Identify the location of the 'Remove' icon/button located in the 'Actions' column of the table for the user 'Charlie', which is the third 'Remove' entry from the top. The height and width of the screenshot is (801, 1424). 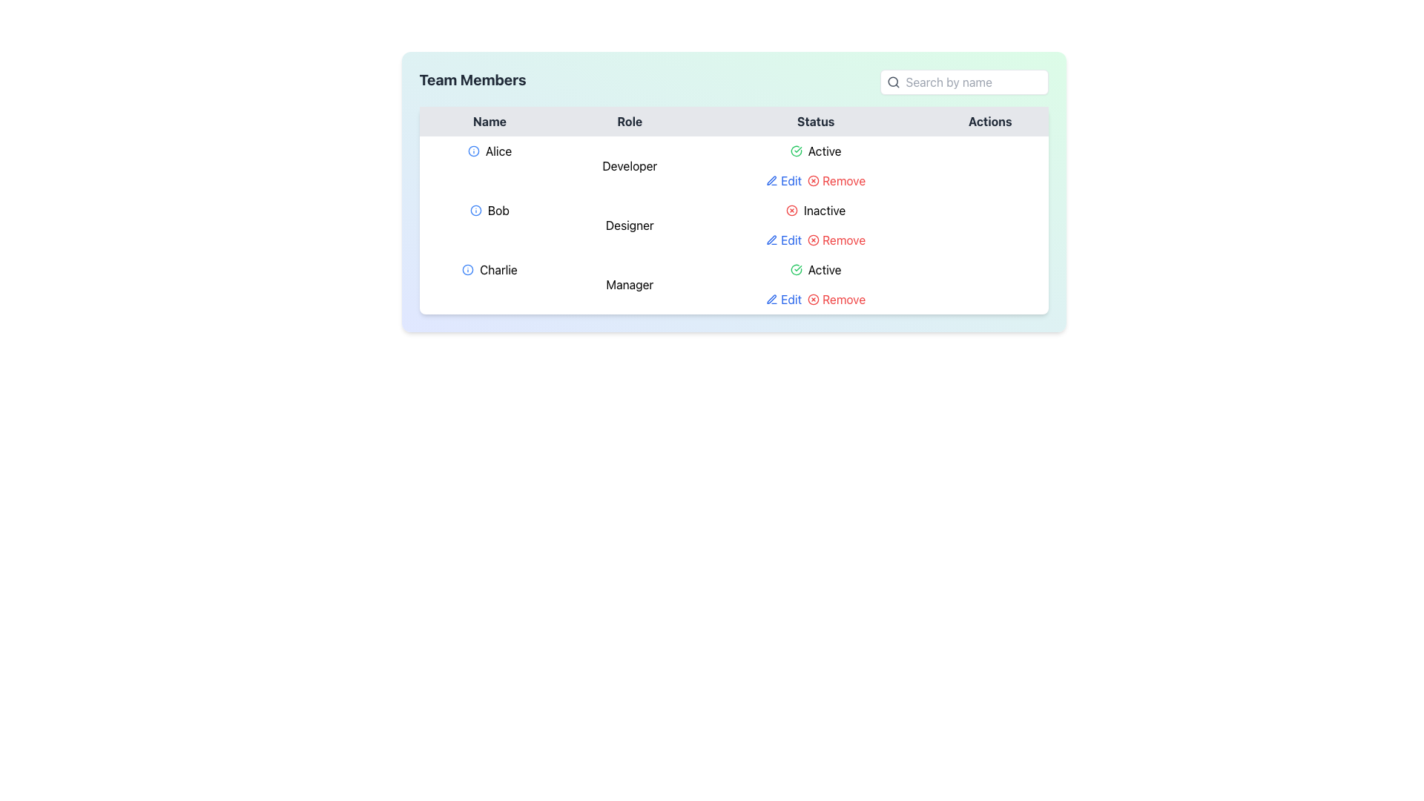
(813, 300).